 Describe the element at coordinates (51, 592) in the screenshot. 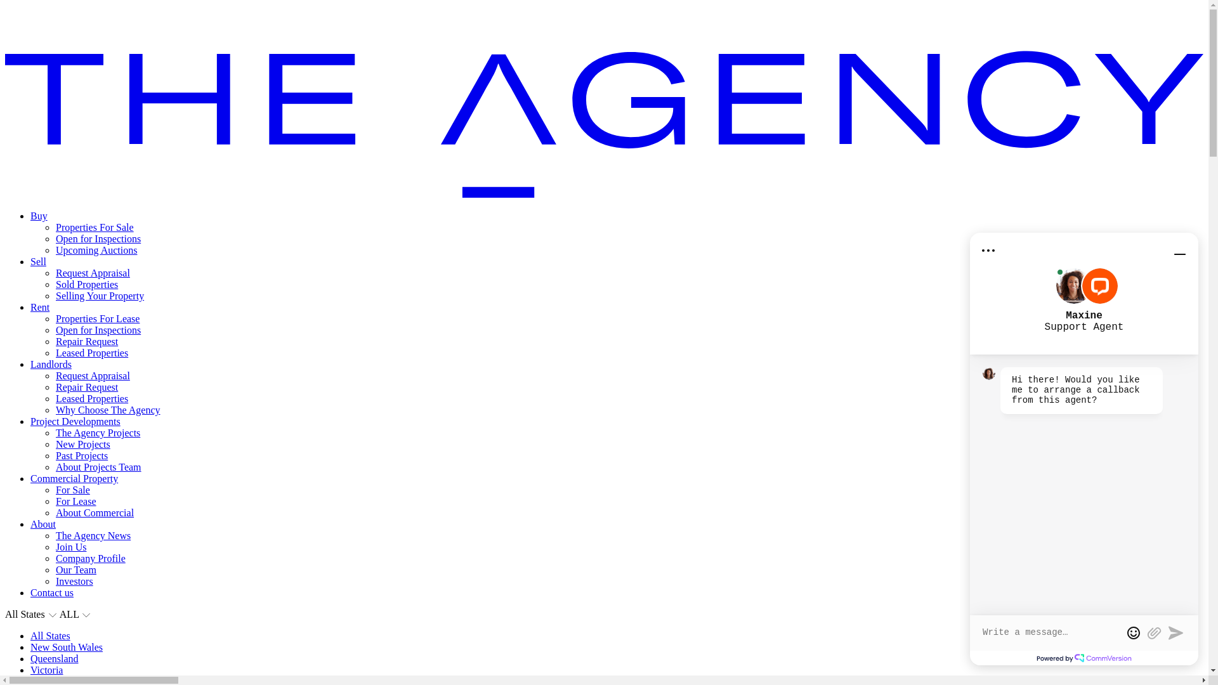

I see `'Contact us'` at that location.